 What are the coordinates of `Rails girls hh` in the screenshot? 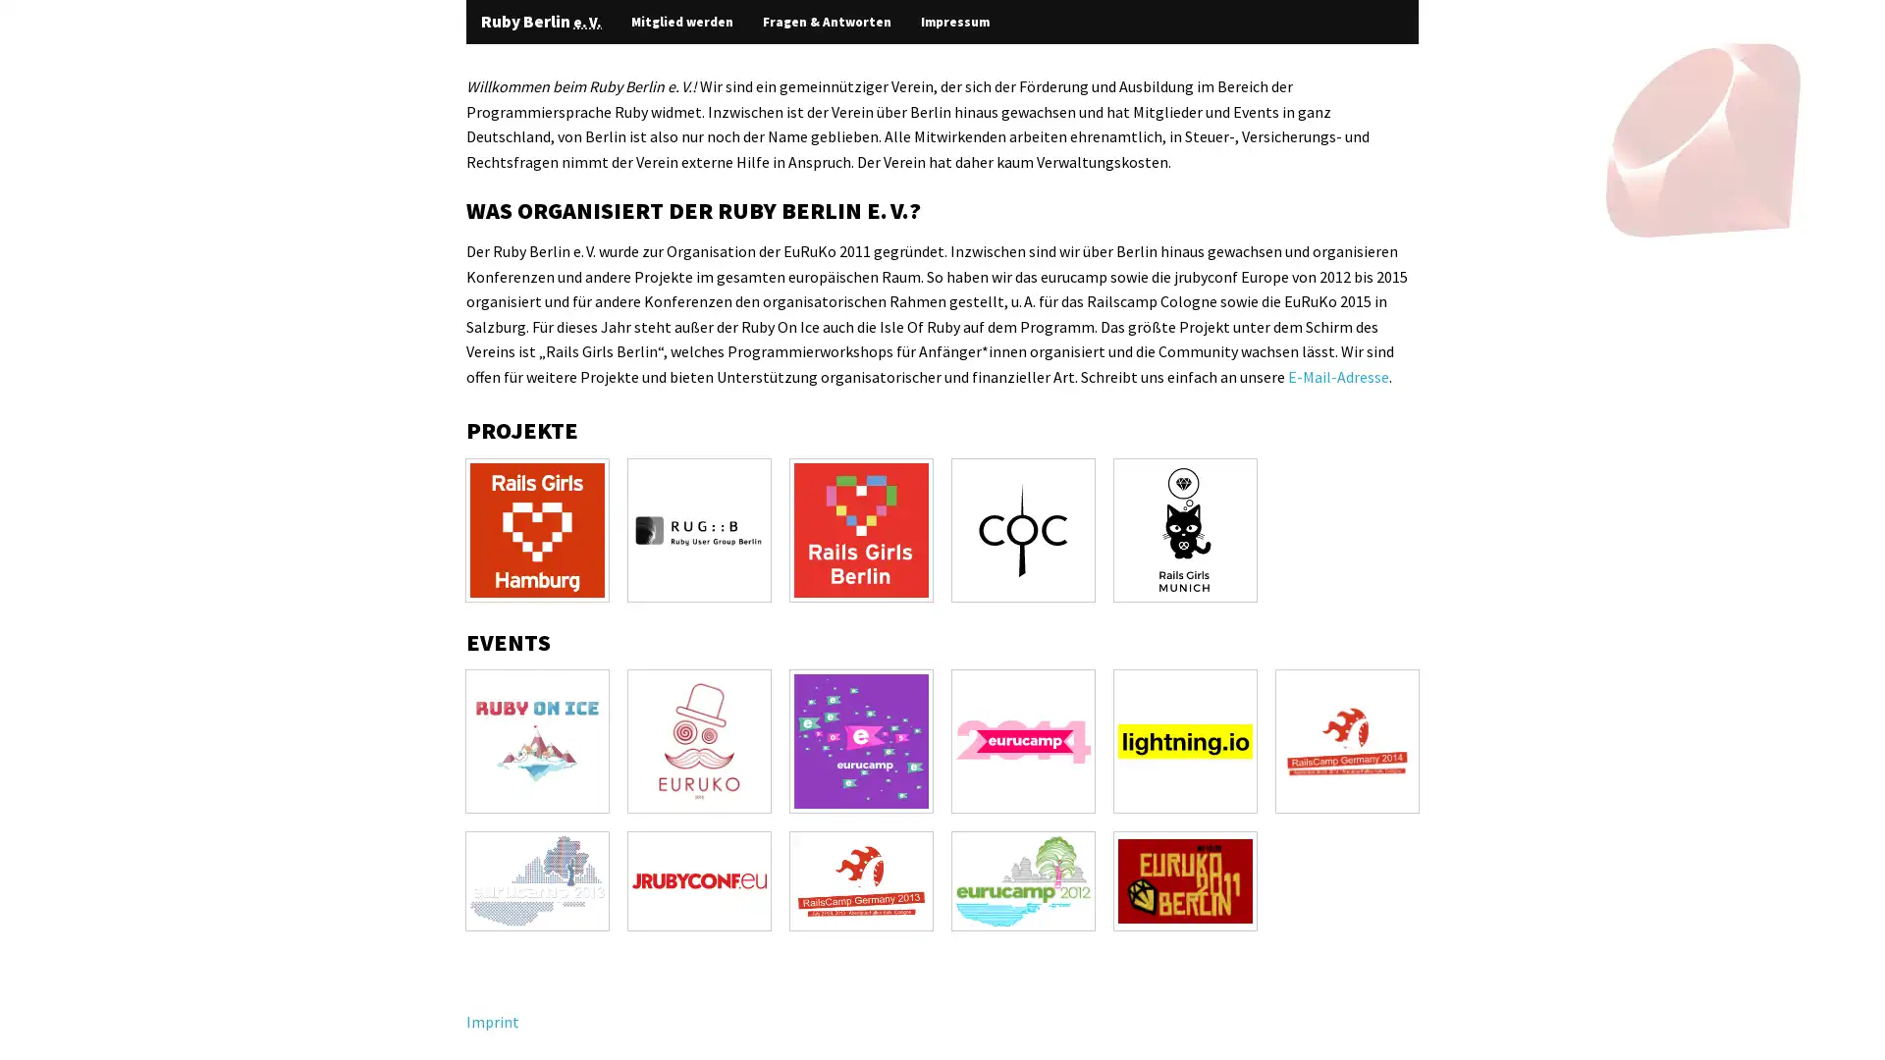 It's located at (537, 528).